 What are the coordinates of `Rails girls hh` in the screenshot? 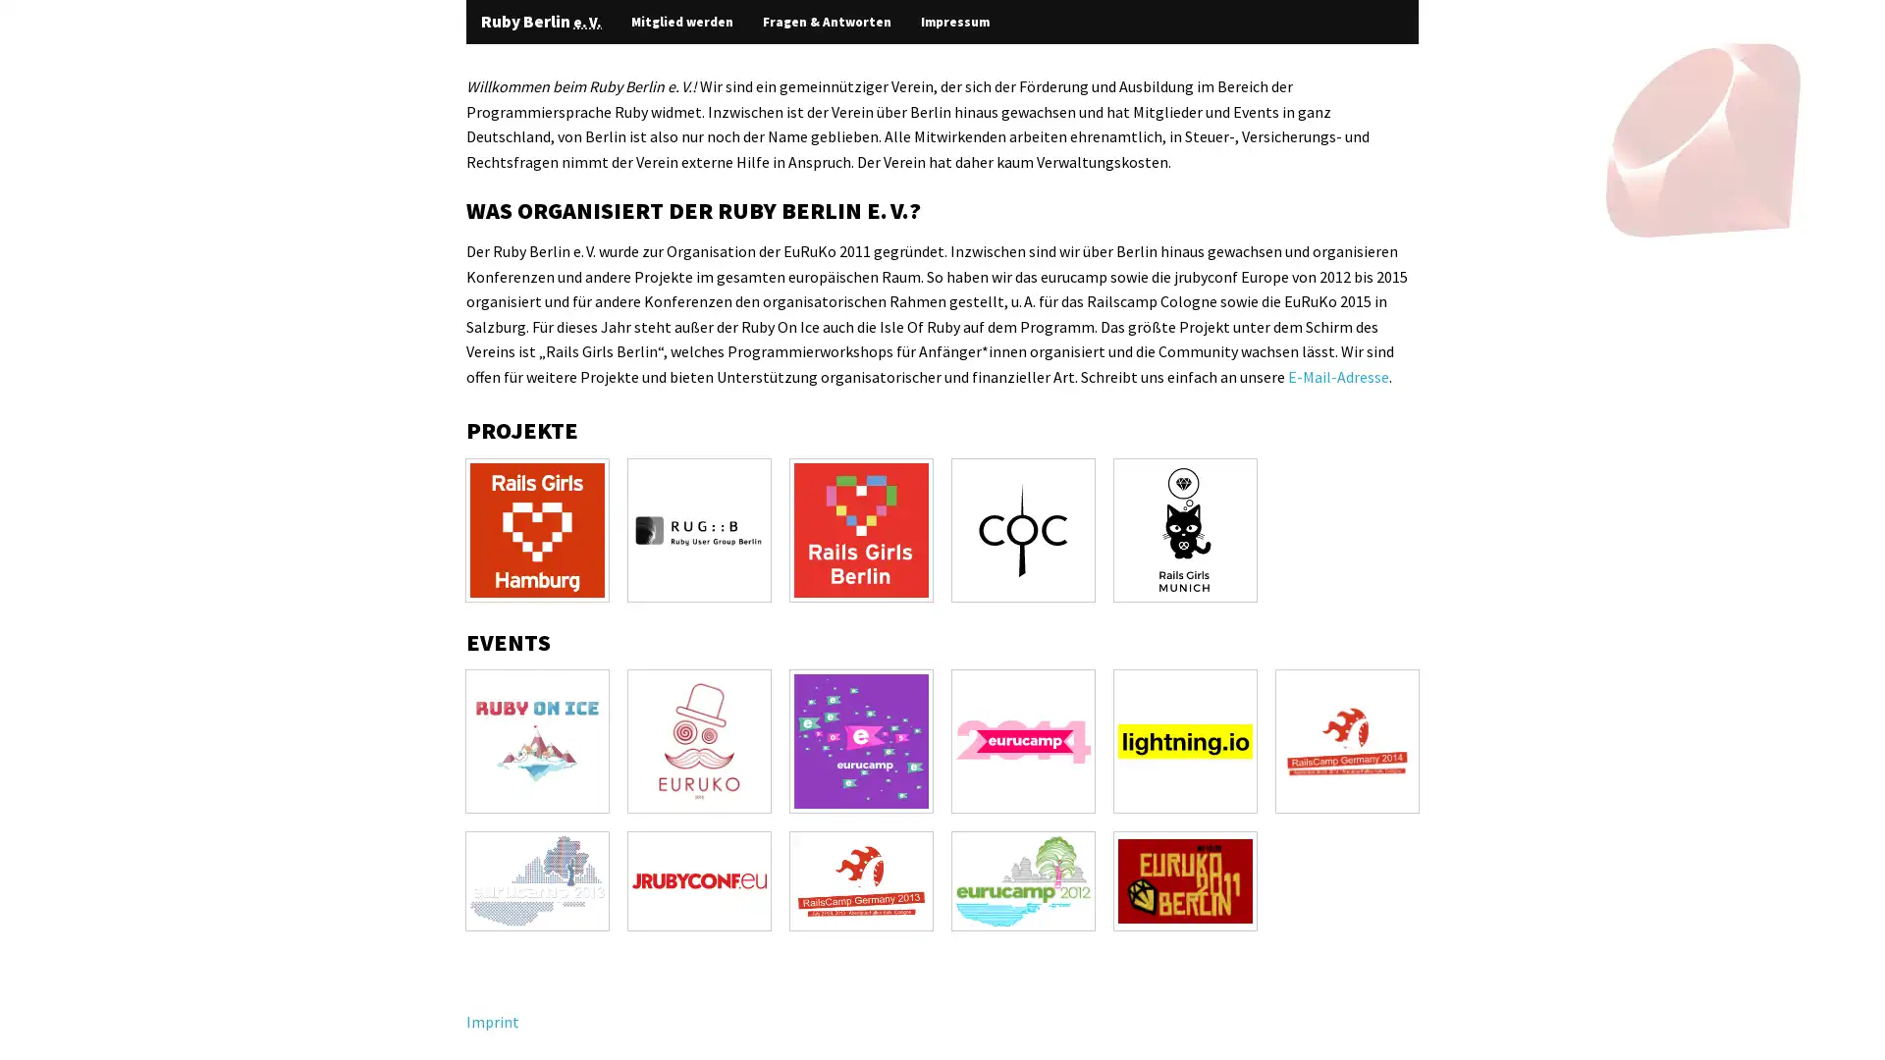 It's located at (537, 528).